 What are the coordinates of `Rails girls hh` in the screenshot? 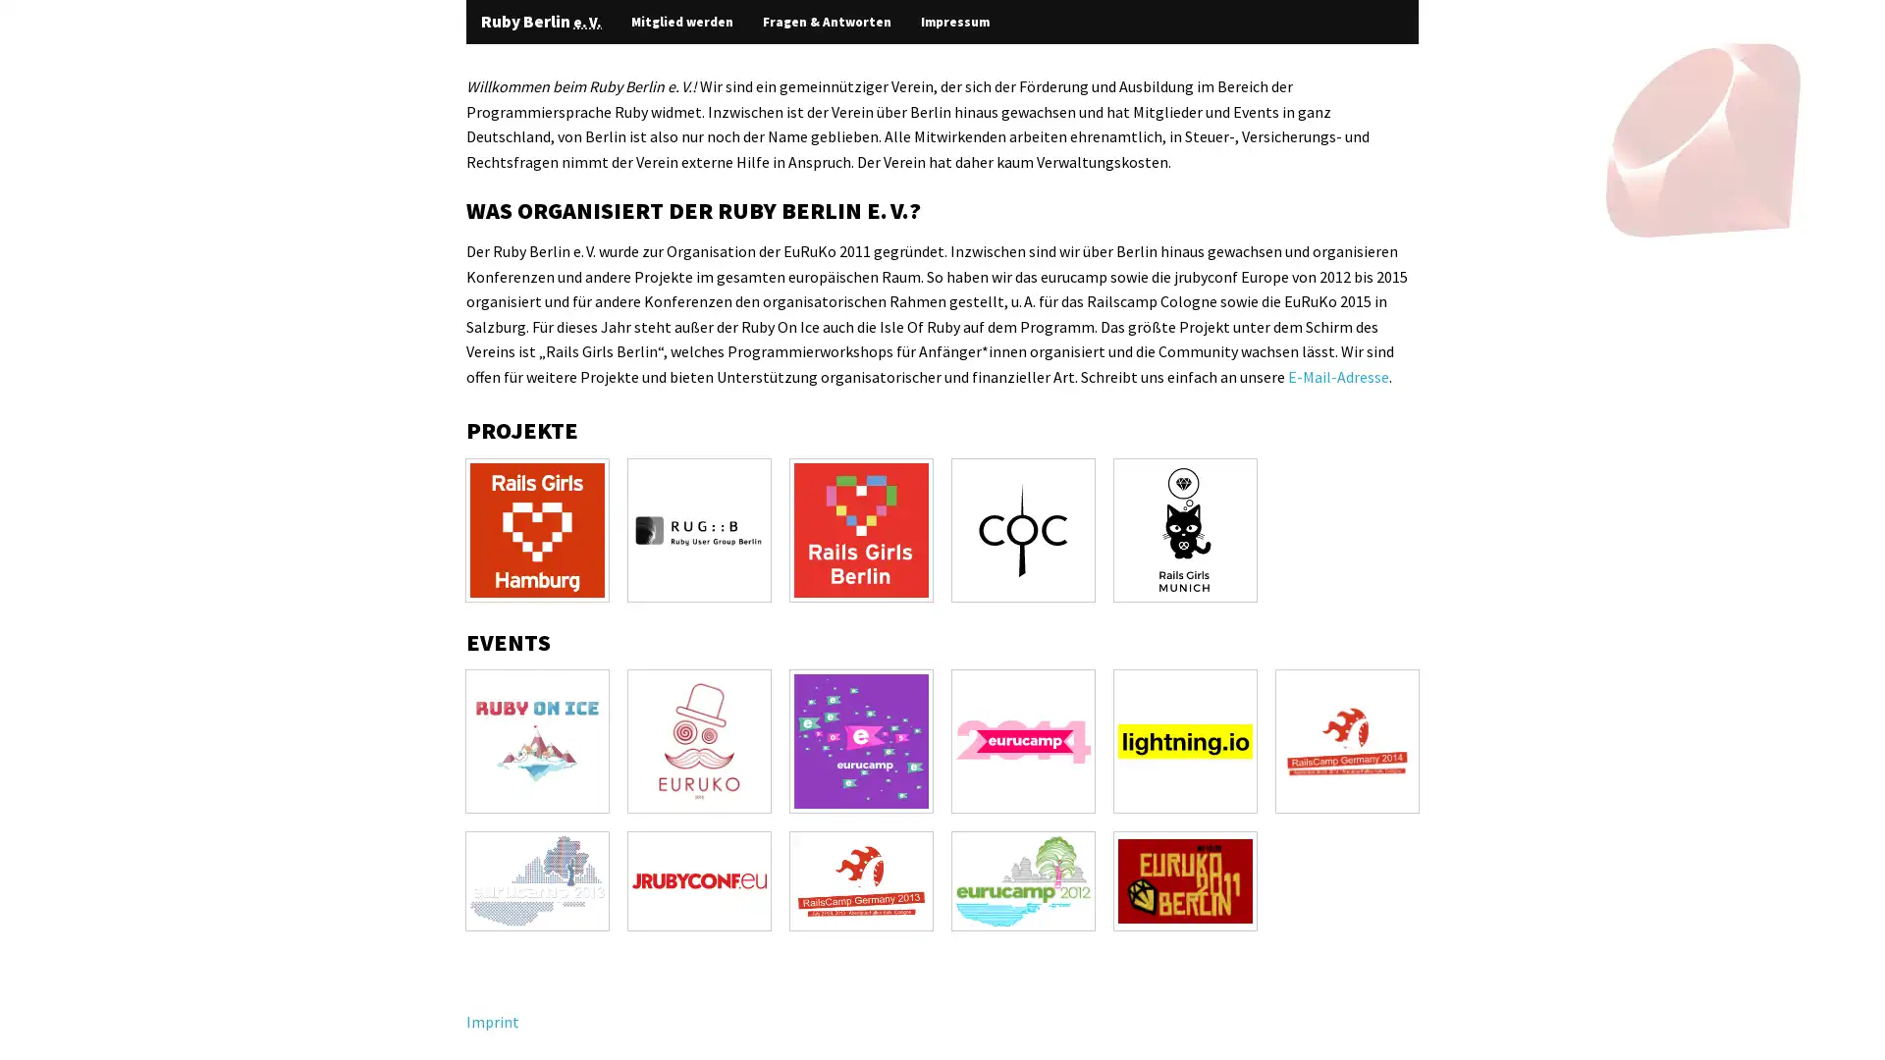 It's located at (537, 528).